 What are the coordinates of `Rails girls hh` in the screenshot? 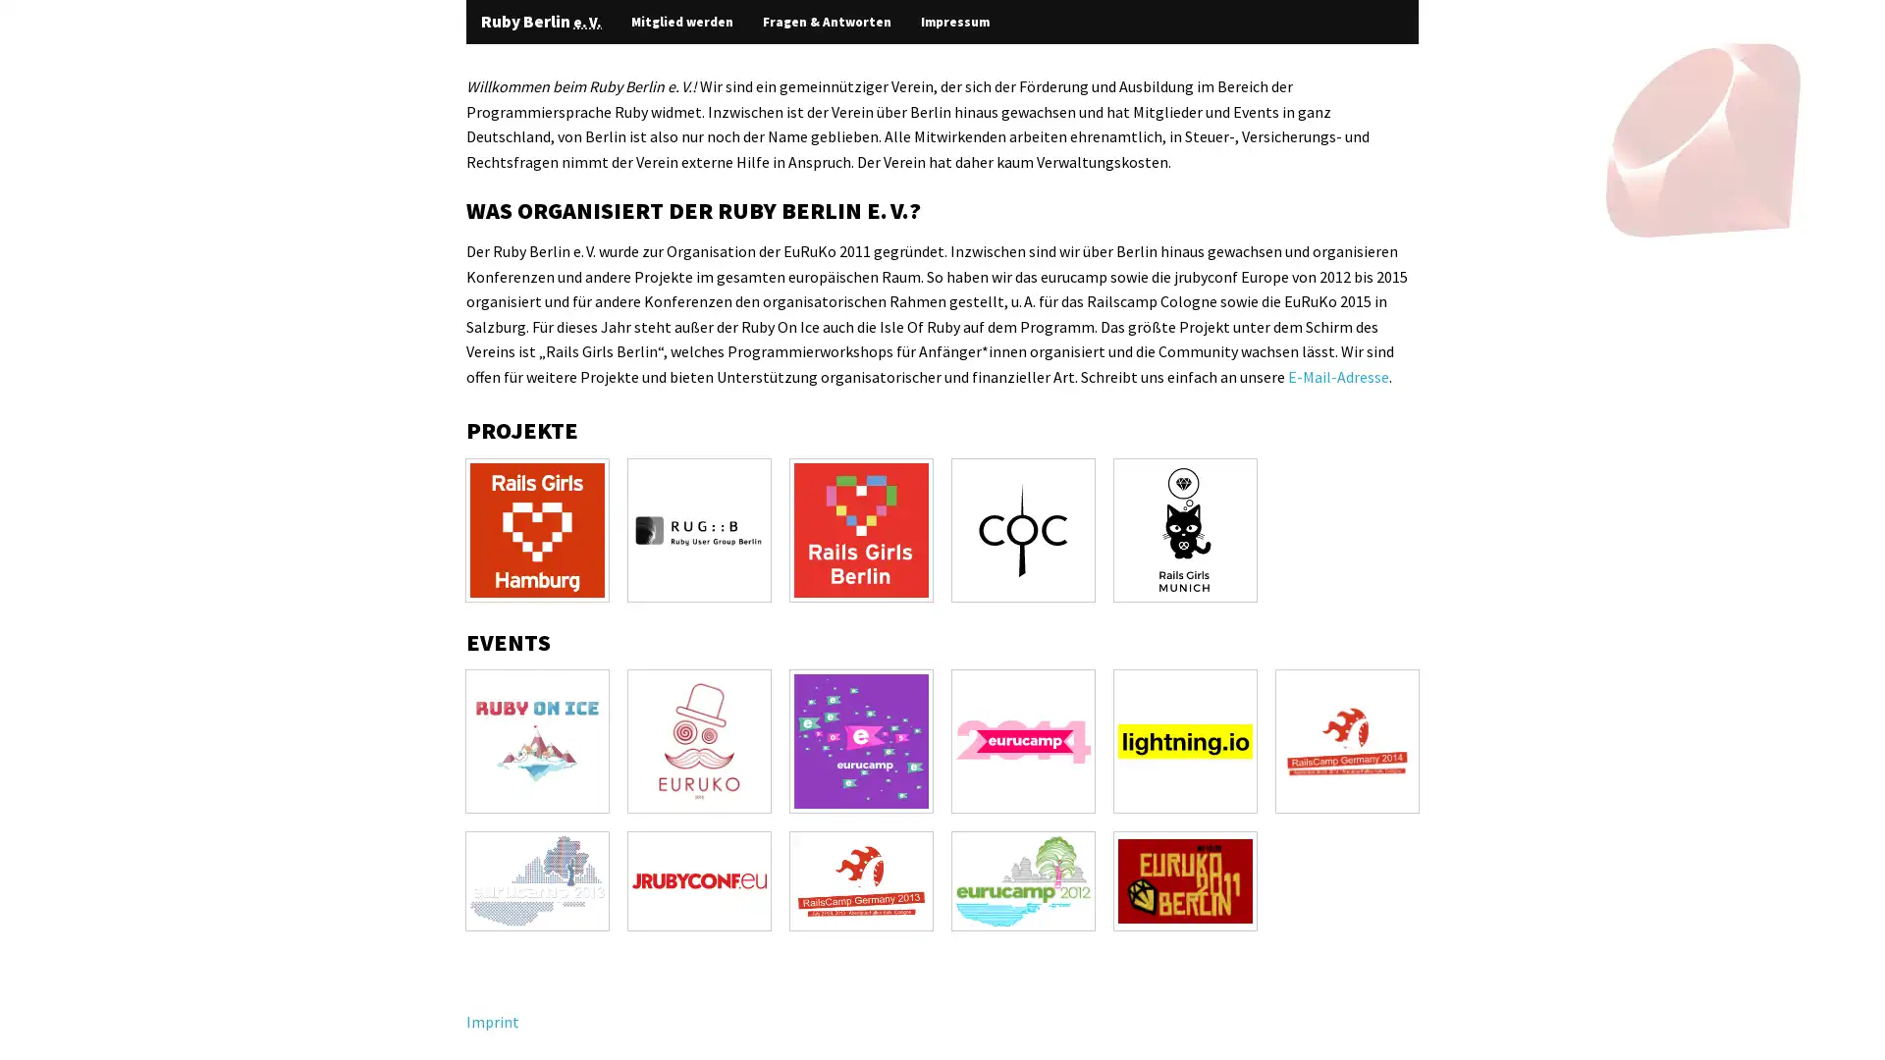 It's located at (537, 528).